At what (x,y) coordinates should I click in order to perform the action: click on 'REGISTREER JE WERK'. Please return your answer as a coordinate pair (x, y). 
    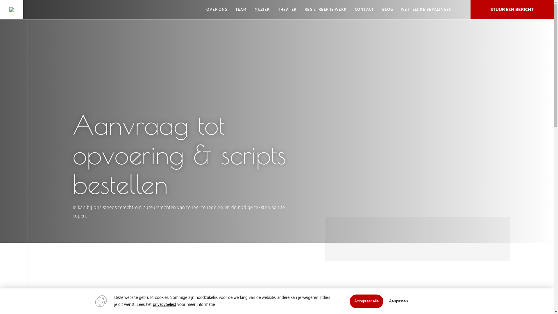
    Looking at the image, I should click on (325, 10).